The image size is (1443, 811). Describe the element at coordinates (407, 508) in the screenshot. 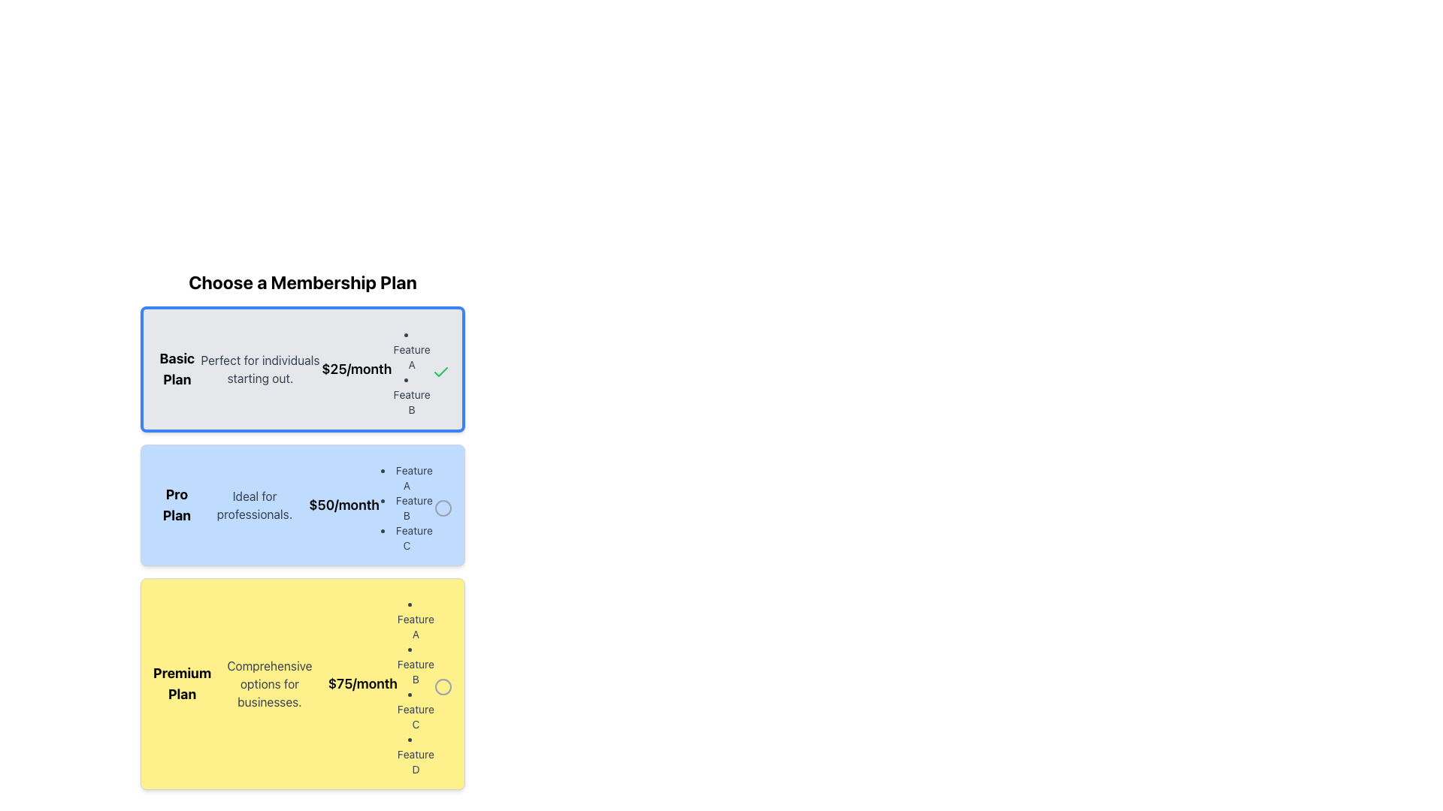

I see `features listed in the bulleted list located in the 'Pro Plan' section of the membership card, which includes 'Feature A', 'Feature B', and 'Feature C'` at that location.